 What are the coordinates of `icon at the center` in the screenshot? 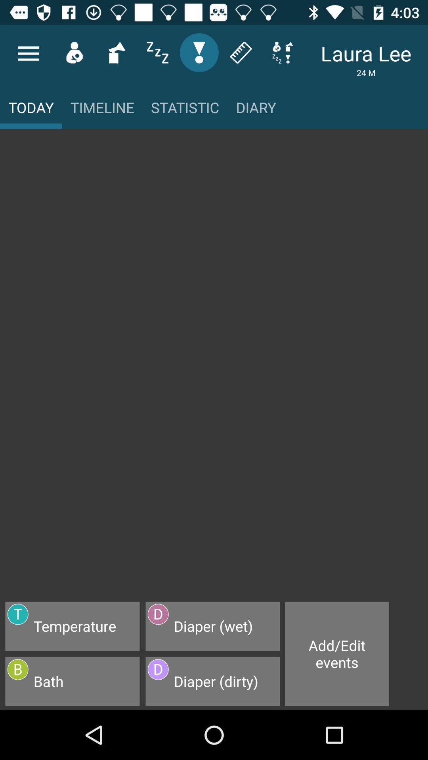 It's located at (214, 369).